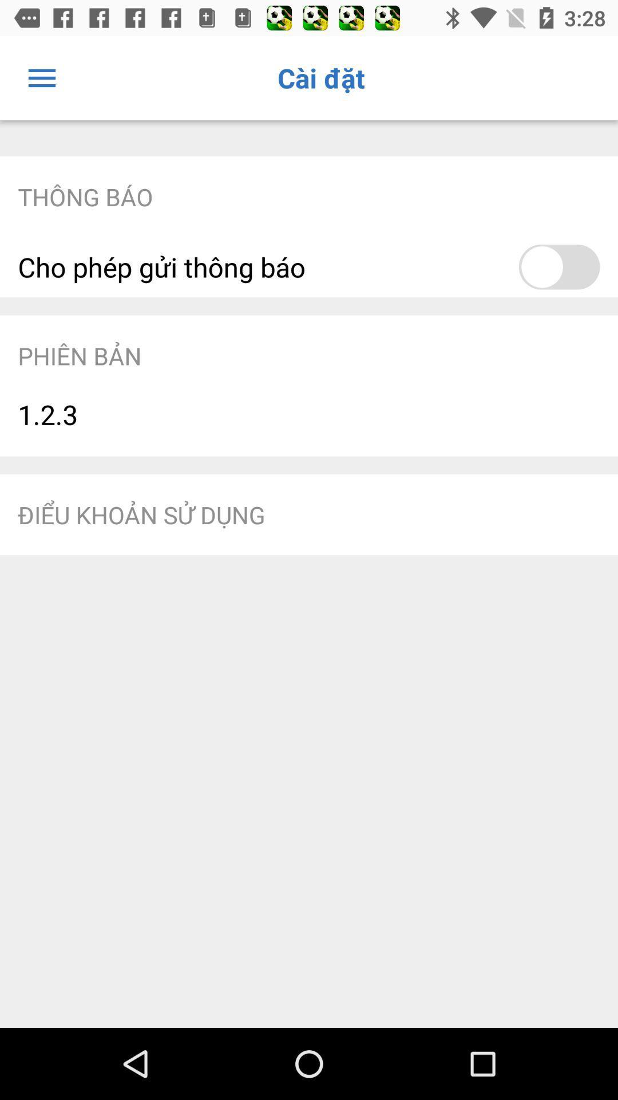  I want to click on icon at the top left corner, so click(41, 77).